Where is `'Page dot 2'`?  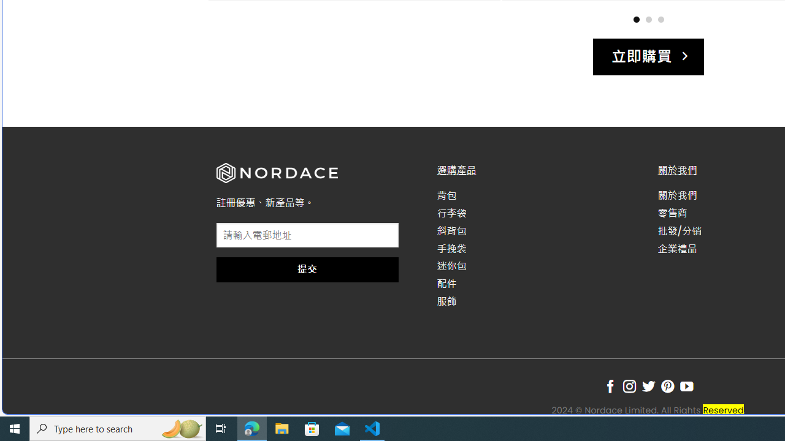
'Page dot 2' is located at coordinates (648, 19).